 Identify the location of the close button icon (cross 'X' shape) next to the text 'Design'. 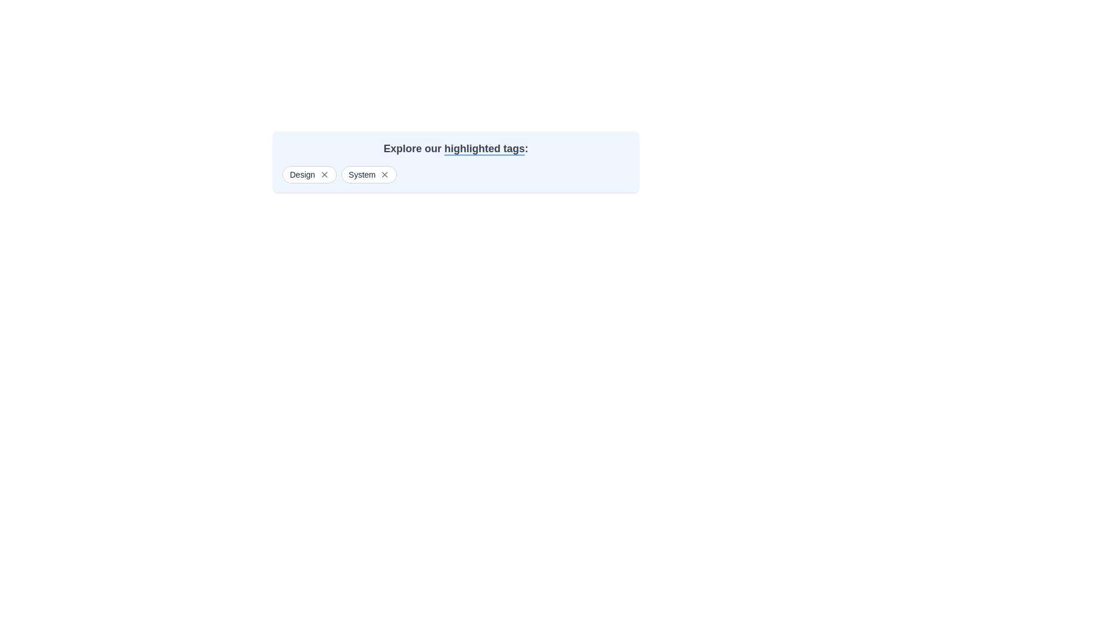
(324, 174).